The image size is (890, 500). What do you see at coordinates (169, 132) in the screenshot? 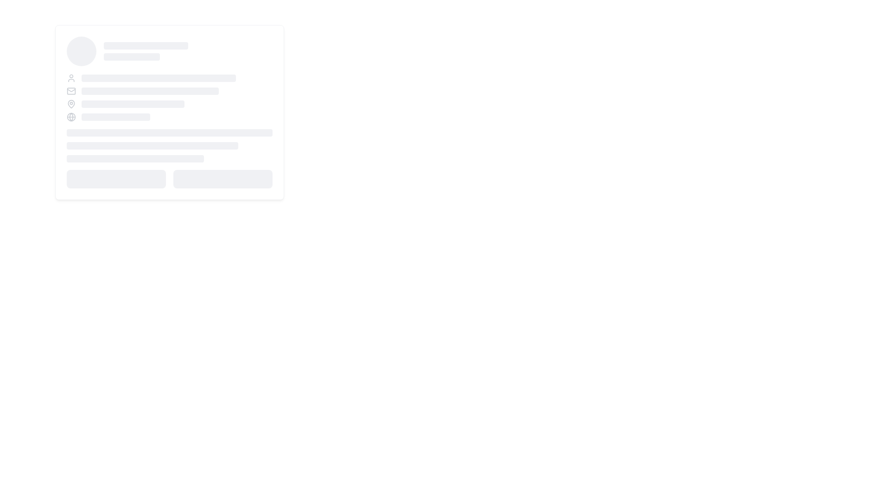
I see `the Loading Placeholder Bar, which is a gray, pill-shaped rectangular element located at the topmost position among three similar horizontal elements` at bounding box center [169, 132].